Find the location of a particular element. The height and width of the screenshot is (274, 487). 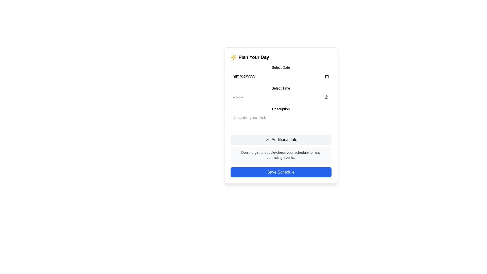

the Time input field to focus on it, which is the second input field in the form, located below the 'Select Date' field is located at coordinates (281, 94).